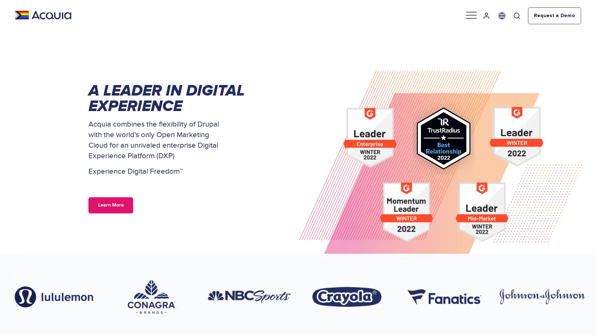 The image size is (596, 335). What do you see at coordinates (472, 15) in the screenshot?
I see `Menu` at bounding box center [472, 15].